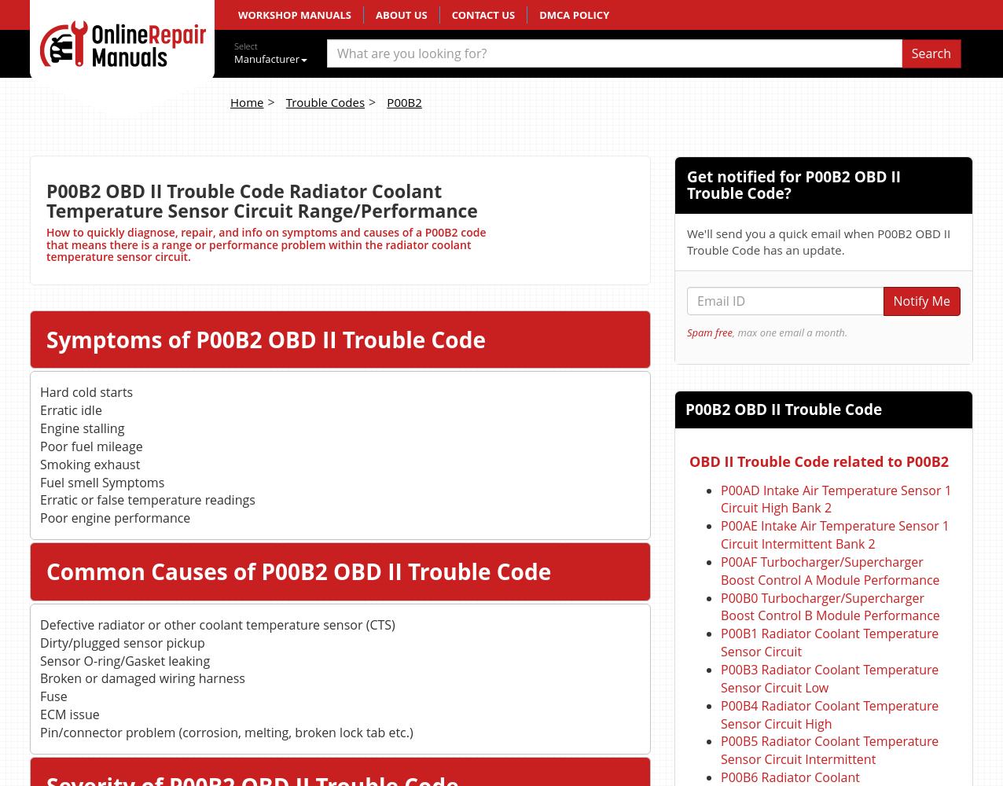 The width and height of the screenshot is (1003, 786). What do you see at coordinates (720, 641) in the screenshot?
I see `'P00B1 Radiator Coolant Temperature Sensor Circuit'` at bounding box center [720, 641].